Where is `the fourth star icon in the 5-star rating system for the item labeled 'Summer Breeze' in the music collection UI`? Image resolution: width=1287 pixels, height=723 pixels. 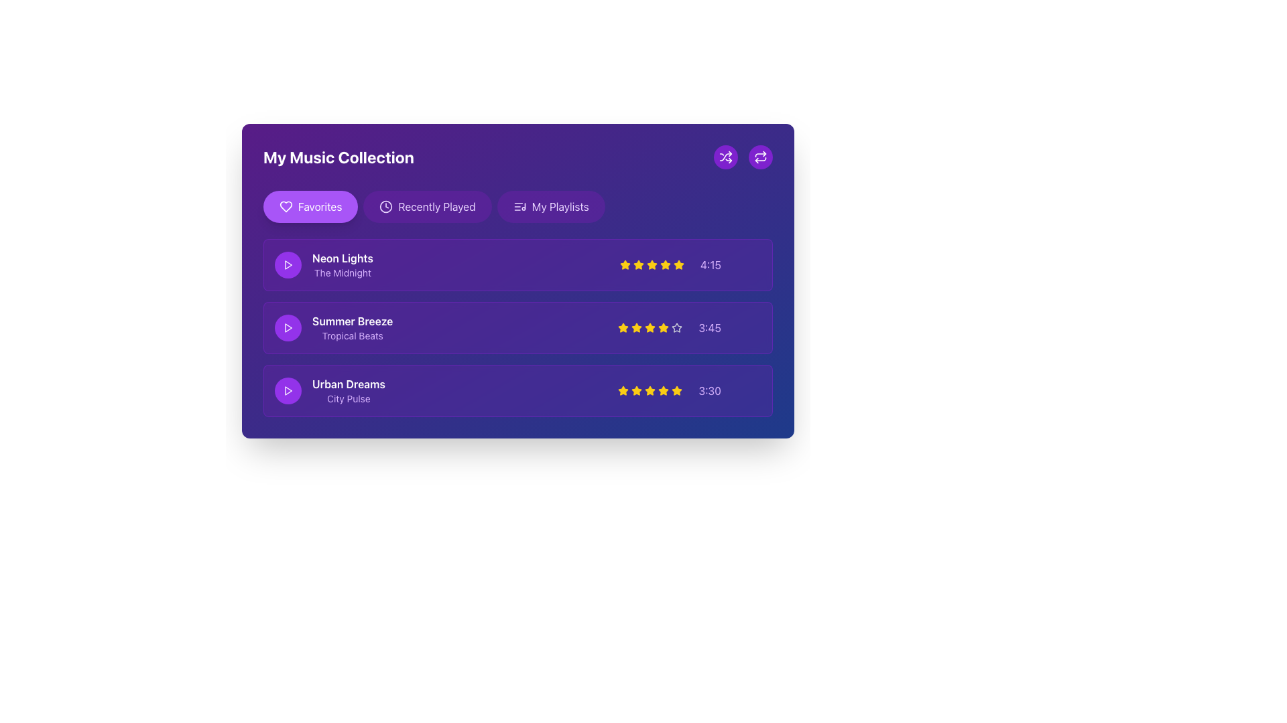 the fourth star icon in the 5-star rating system for the item labeled 'Summer Breeze' in the music collection UI is located at coordinates (677, 327).